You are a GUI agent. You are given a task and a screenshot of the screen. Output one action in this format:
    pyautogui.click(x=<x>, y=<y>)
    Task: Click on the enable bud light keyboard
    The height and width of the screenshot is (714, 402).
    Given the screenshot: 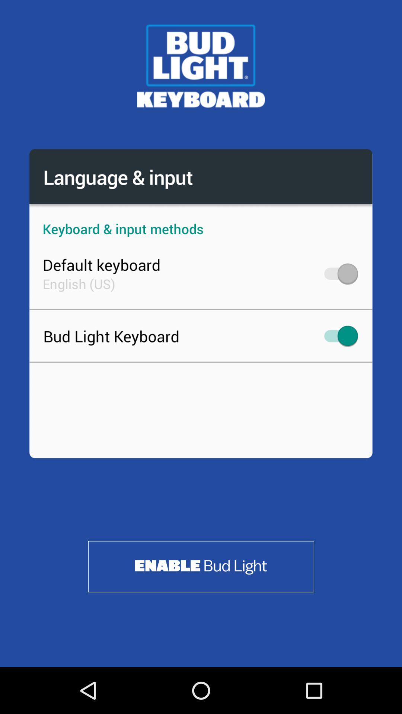 What is the action you would take?
    pyautogui.click(x=201, y=566)
    